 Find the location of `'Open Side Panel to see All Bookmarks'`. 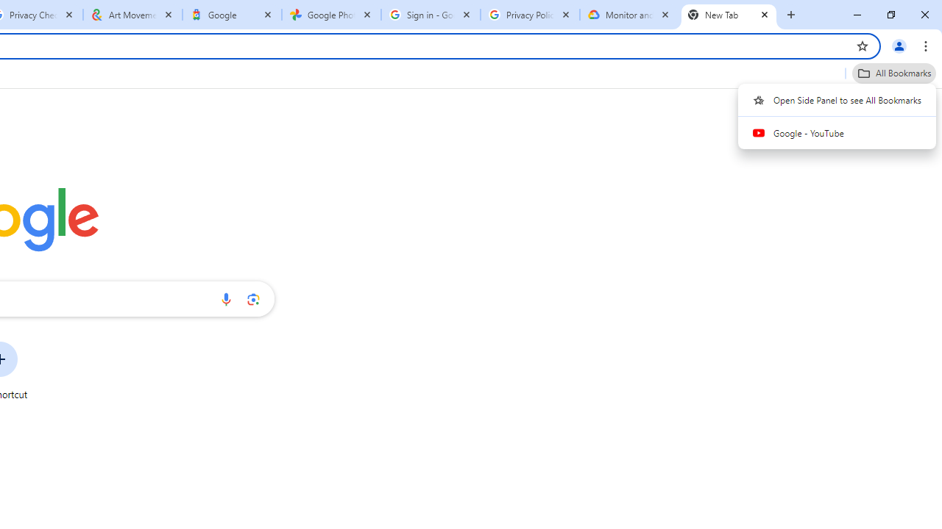

'Open Side Panel to see All Bookmarks' is located at coordinates (837, 99).